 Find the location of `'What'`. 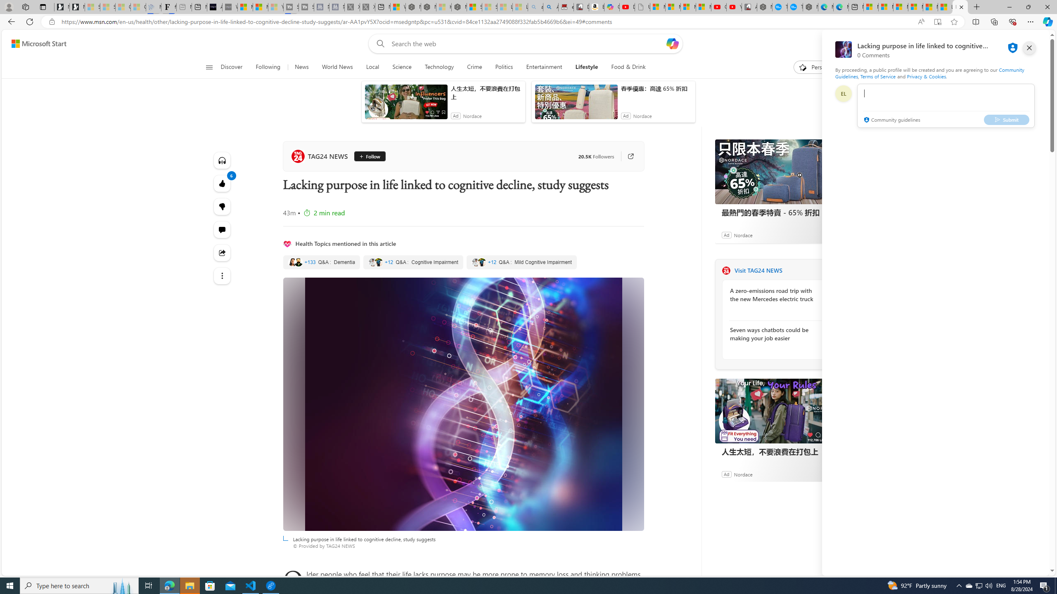

'What' is located at coordinates (229, 7).